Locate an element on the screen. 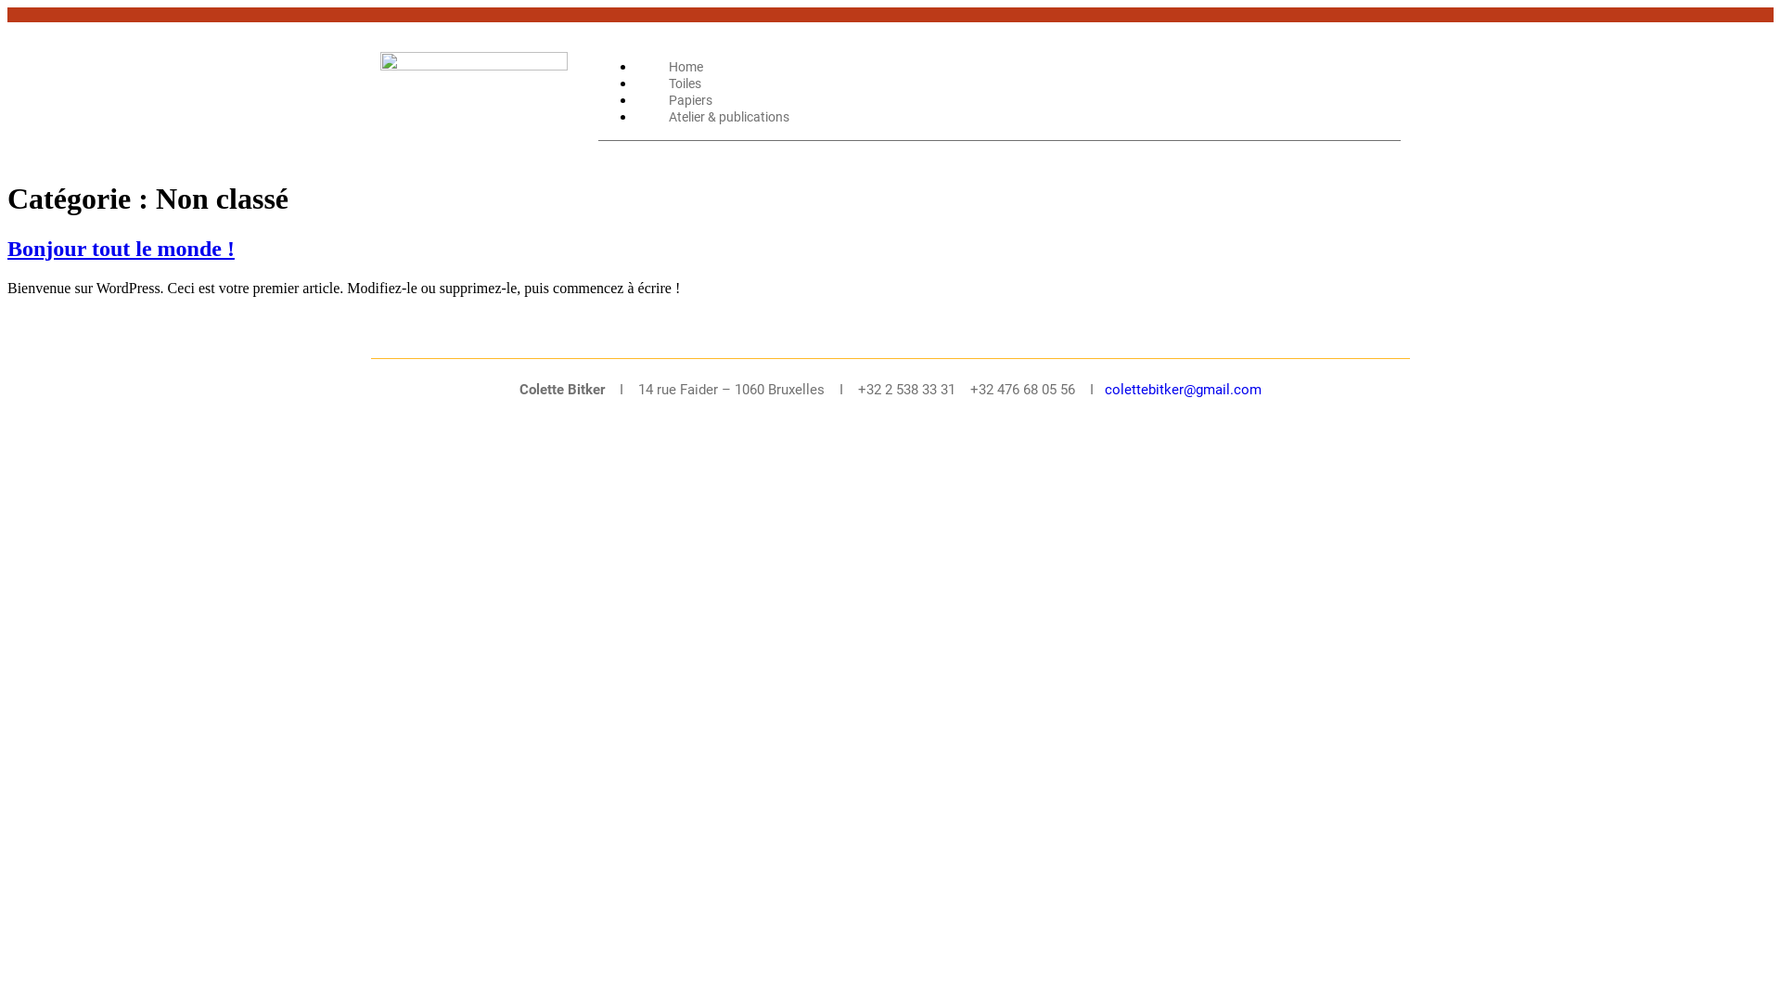  'colettebitker@gmail.com' is located at coordinates (1182, 389).